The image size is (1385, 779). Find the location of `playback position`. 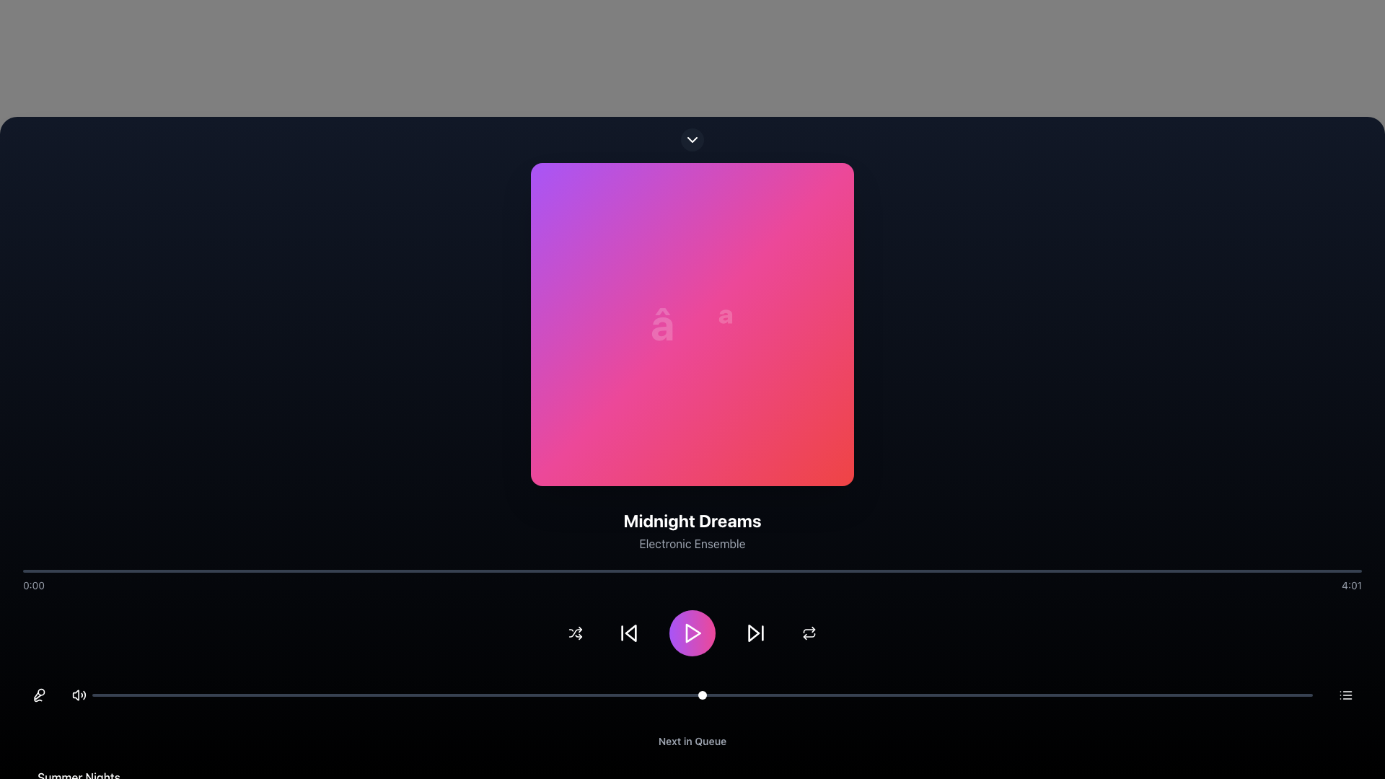

playback position is located at coordinates (692, 570).